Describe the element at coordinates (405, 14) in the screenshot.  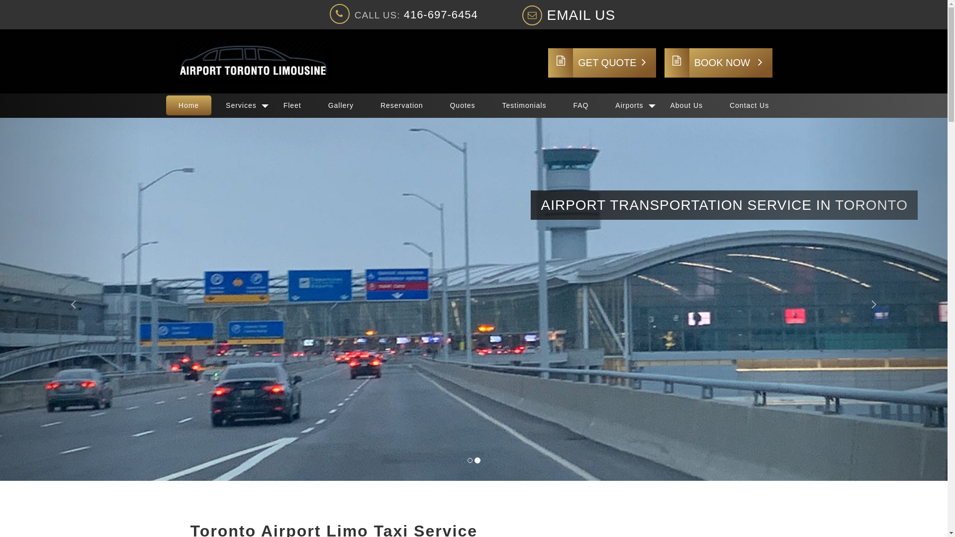
I see `'CALL US: 416-697-6454'` at that location.